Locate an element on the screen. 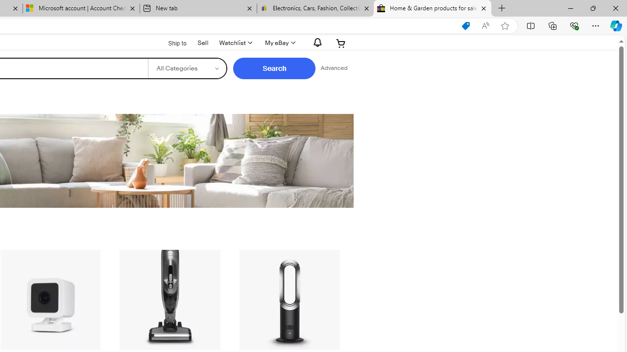 The height and width of the screenshot is (352, 627). 'Add this page to favorites (Ctrl+D)' is located at coordinates (505, 25).